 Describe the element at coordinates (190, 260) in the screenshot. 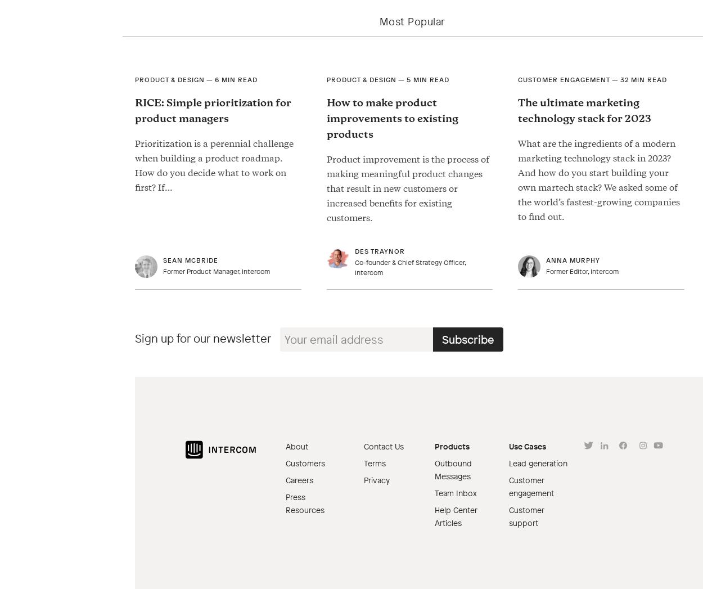

I see `'Sean McBride'` at that location.